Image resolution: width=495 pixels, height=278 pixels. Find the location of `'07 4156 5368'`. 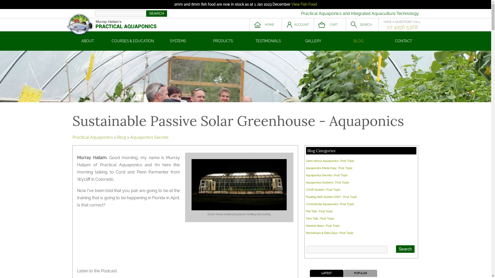

'07 4156 5368' is located at coordinates (402, 27).